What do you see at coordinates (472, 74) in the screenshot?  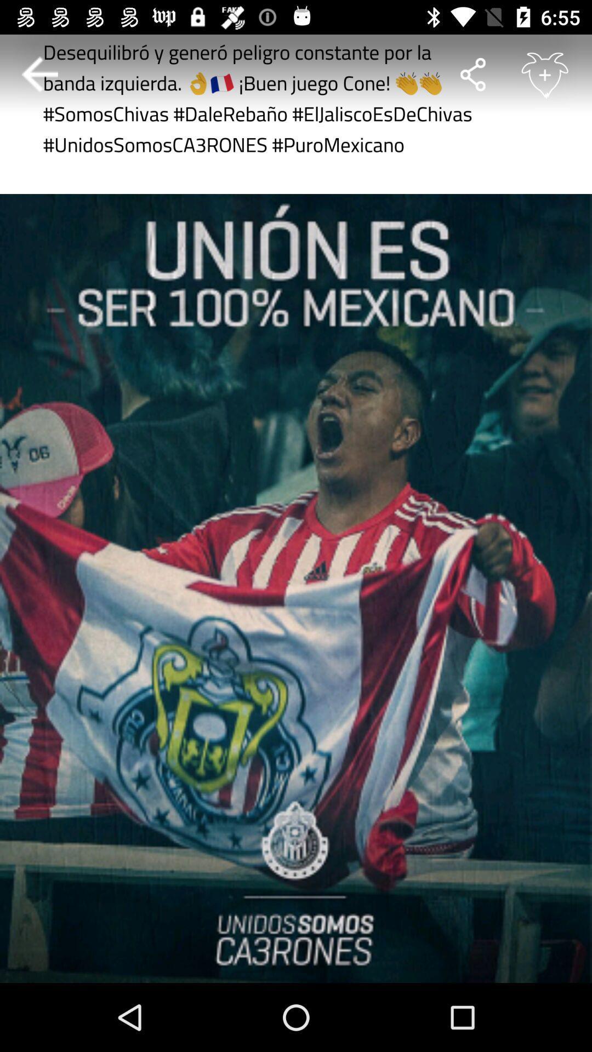 I see `the share icon` at bounding box center [472, 74].